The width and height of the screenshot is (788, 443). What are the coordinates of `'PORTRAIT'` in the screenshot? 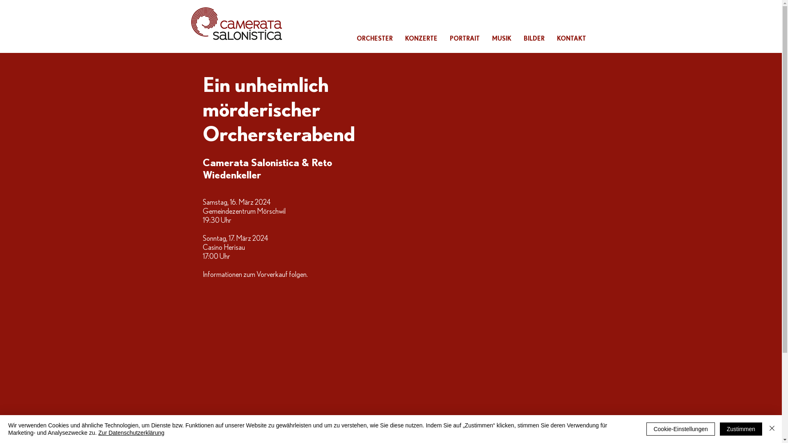 It's located at (443, 39).